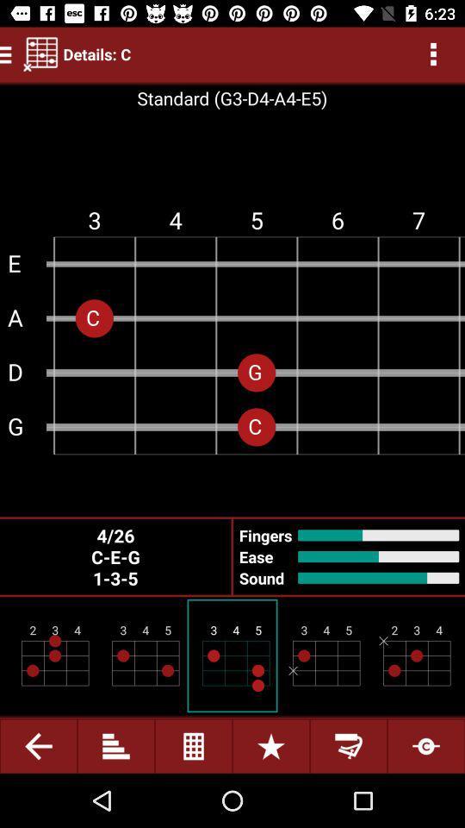 The image size is (465, 828). I want to click on the left  side of the text delailsc, so click(40, 53).